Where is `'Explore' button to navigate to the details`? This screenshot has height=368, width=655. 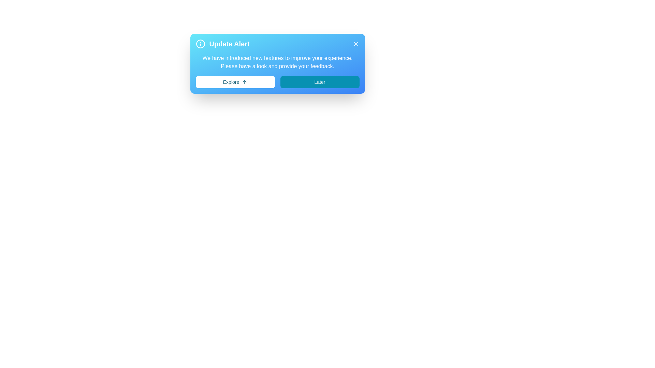 'Explore' button to navigate to the details is located at coordinates (235, 81).